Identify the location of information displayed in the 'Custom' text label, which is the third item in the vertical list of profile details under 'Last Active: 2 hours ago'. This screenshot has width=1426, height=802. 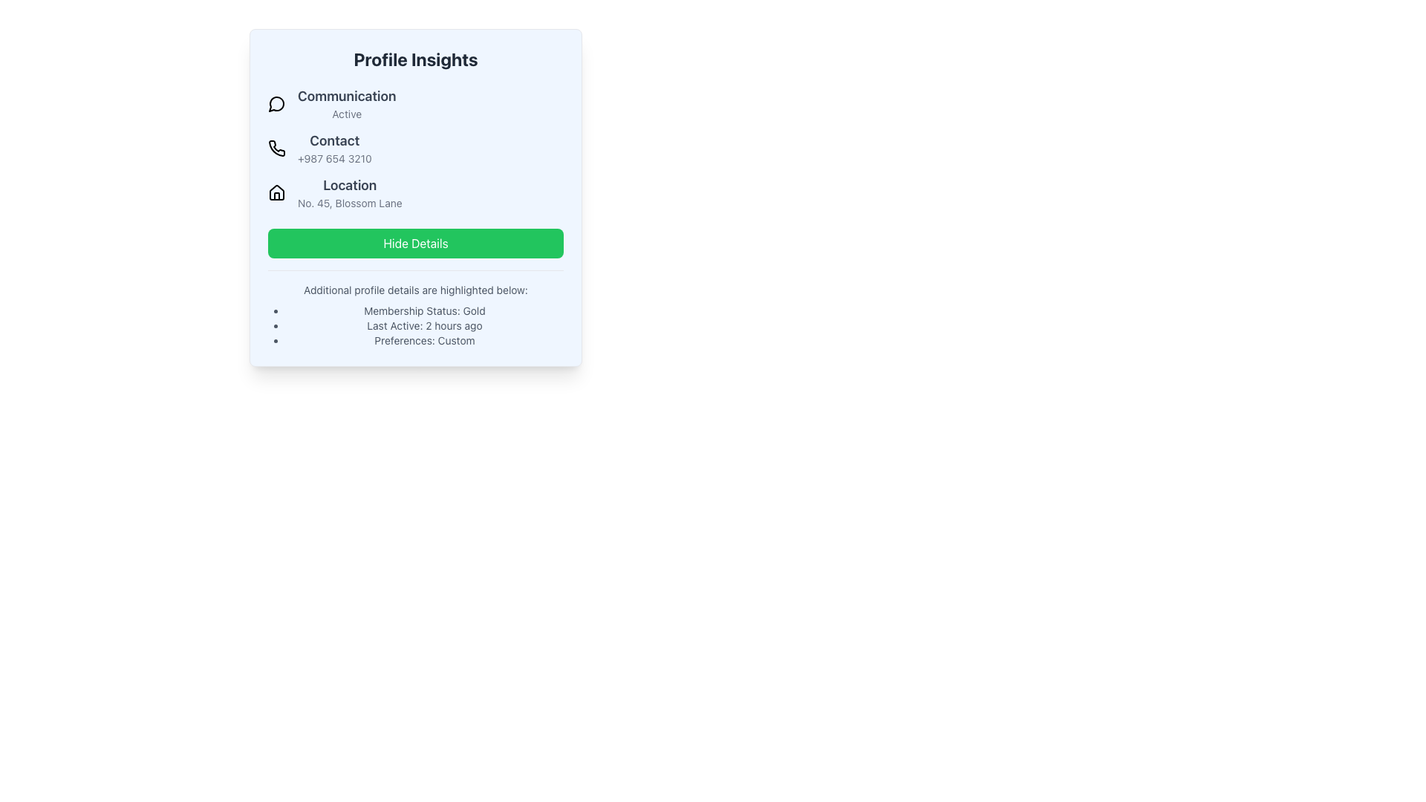
(423, 341).